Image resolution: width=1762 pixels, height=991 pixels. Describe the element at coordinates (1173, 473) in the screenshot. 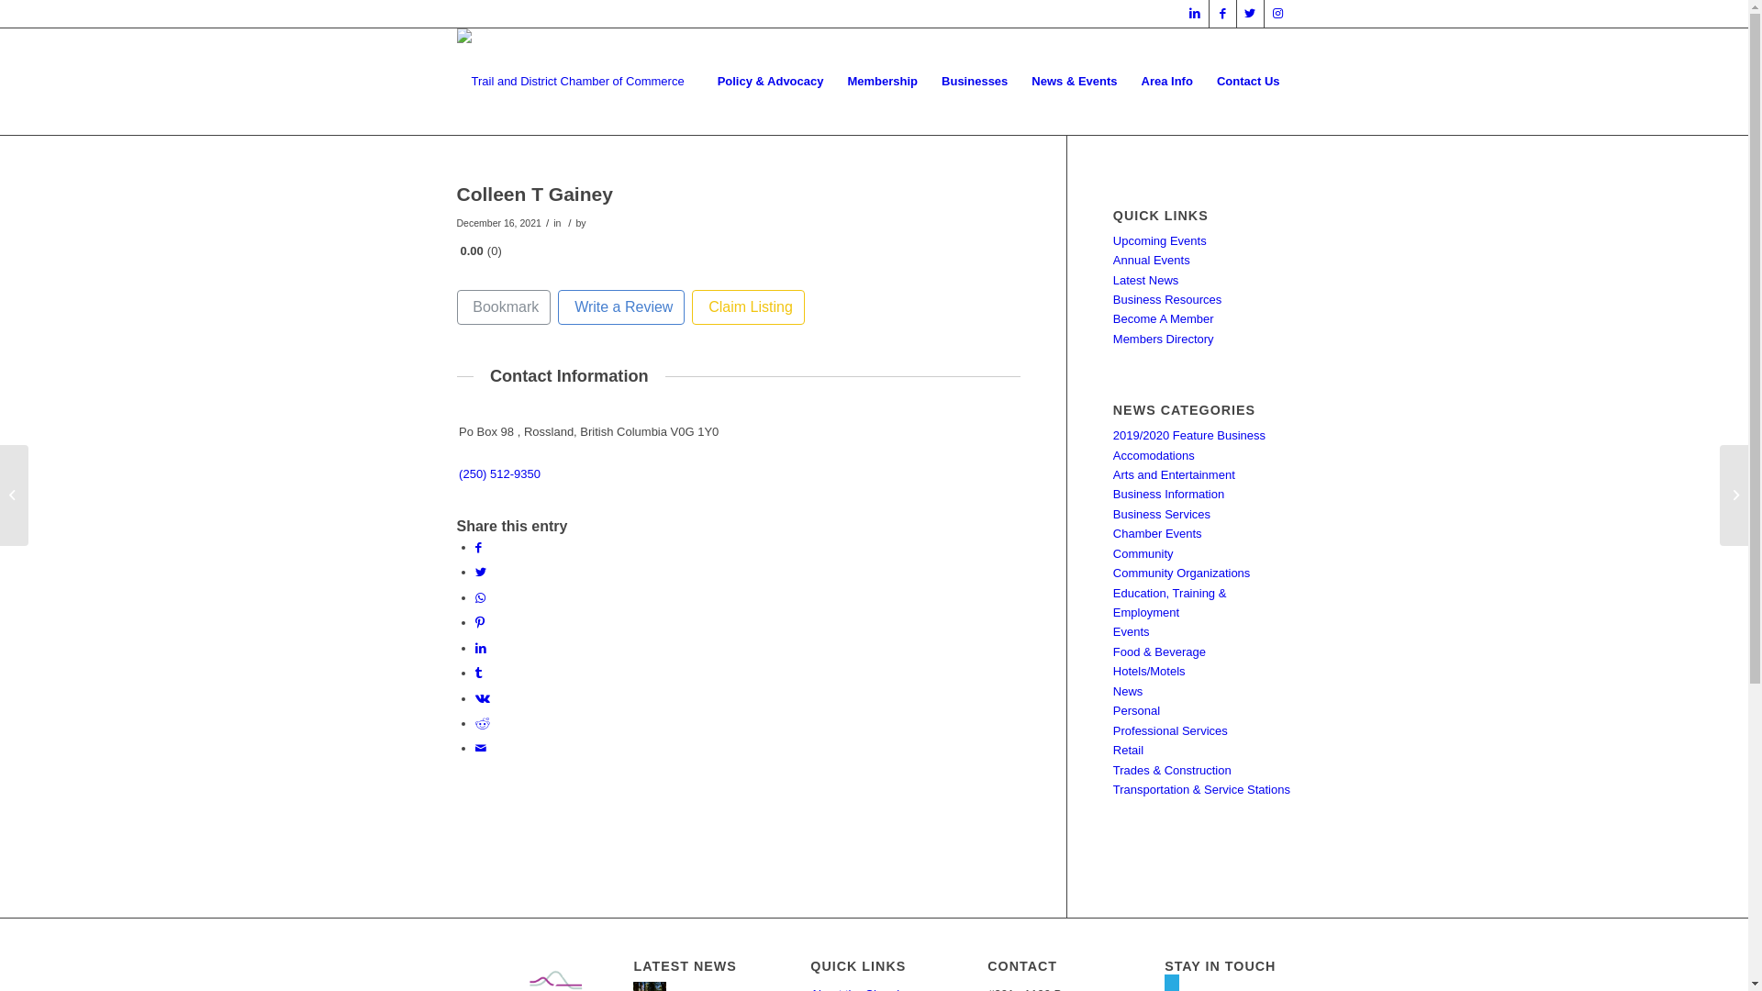

I see `'Arts and Entertainment'` at that location.